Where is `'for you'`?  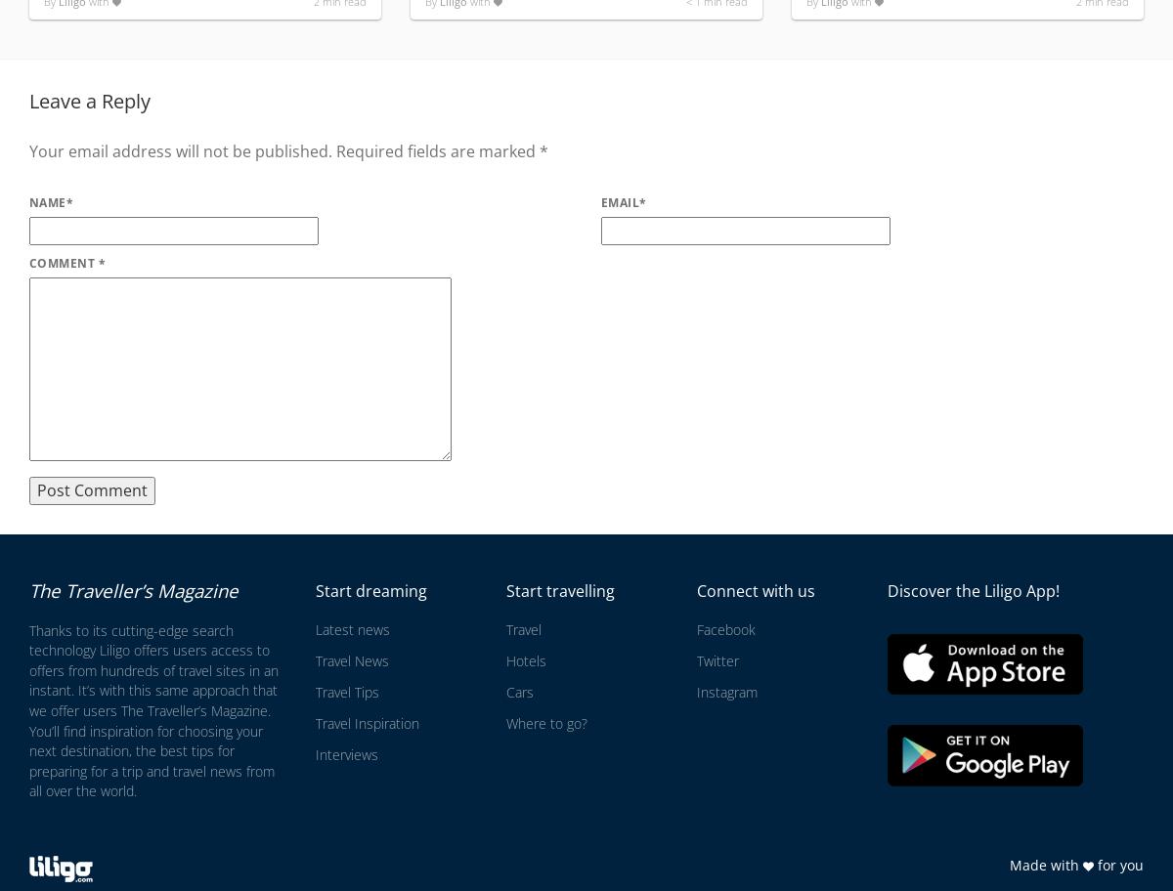
'for you' is located at coordinates (1117, 863).